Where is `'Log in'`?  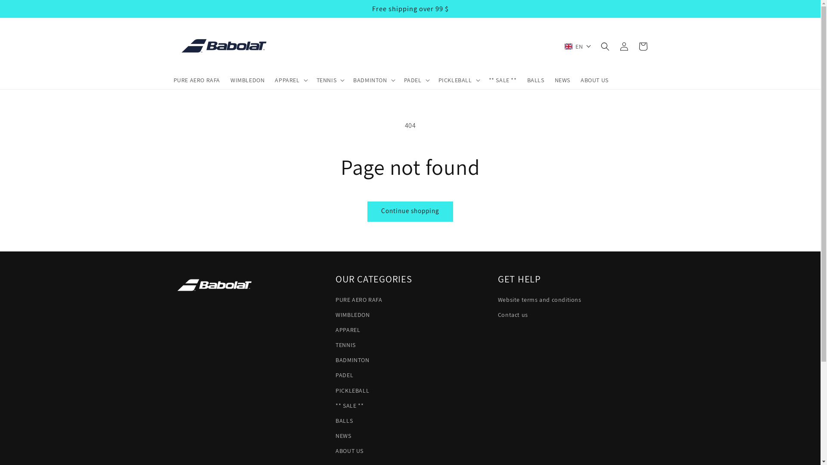
'Log in' is located at coordinates (613, 46).